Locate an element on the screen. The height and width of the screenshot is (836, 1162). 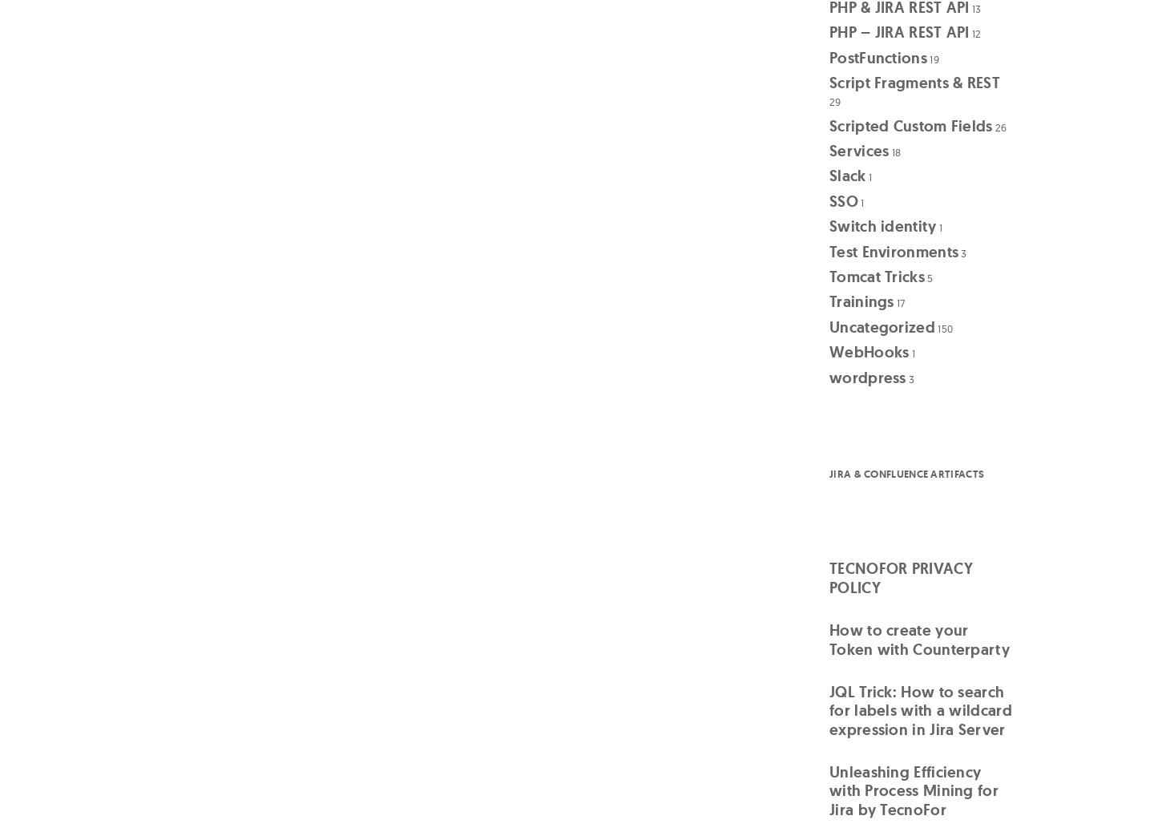
'Scripted Custom Fields' is located at coordinates (910, 124).